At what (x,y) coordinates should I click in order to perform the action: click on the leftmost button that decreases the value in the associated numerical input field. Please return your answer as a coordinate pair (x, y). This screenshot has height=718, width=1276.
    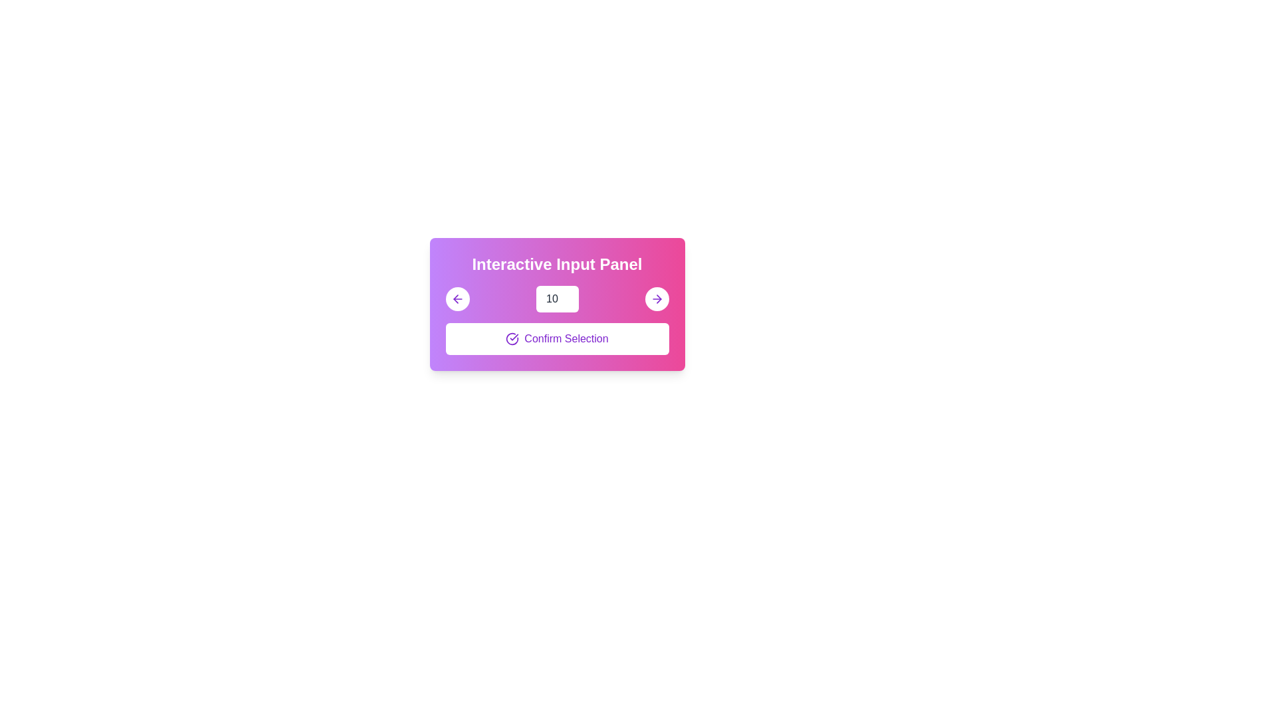
    Looking at the image, I should click on (457, 299).